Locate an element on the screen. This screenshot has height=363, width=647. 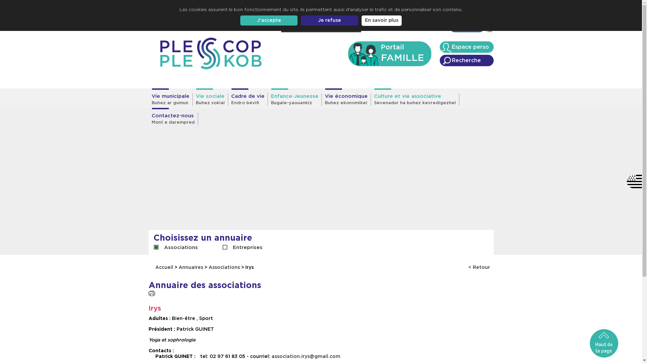
'Accueil' is located at coordinates (165, 267).